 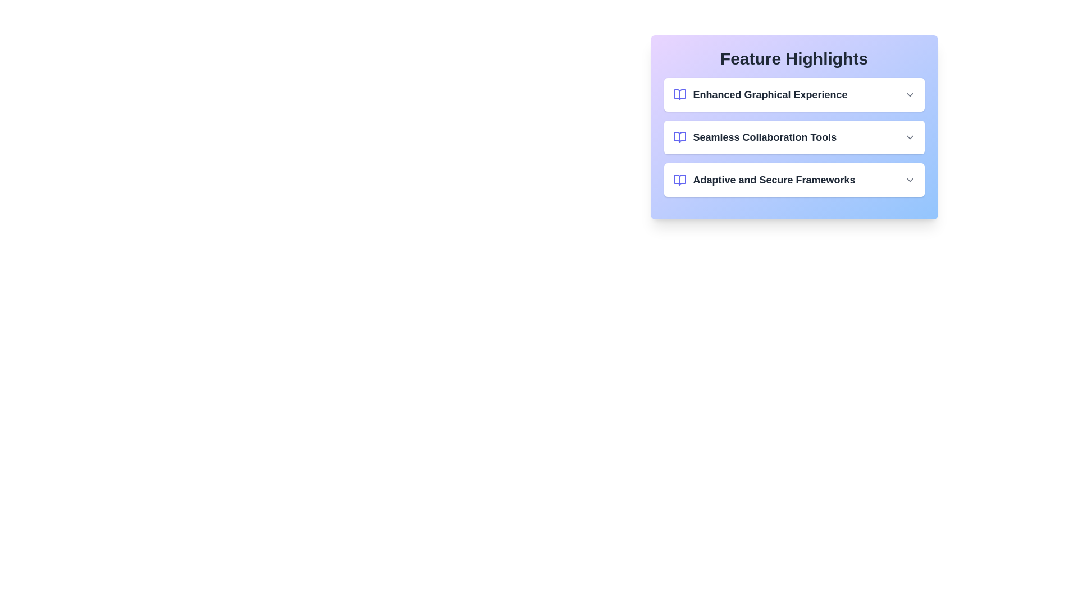 I want to click on the text item representing 'Seamless Collaboration Tools' within the 'Feature Highlights' list, so click(x=793, y=137).